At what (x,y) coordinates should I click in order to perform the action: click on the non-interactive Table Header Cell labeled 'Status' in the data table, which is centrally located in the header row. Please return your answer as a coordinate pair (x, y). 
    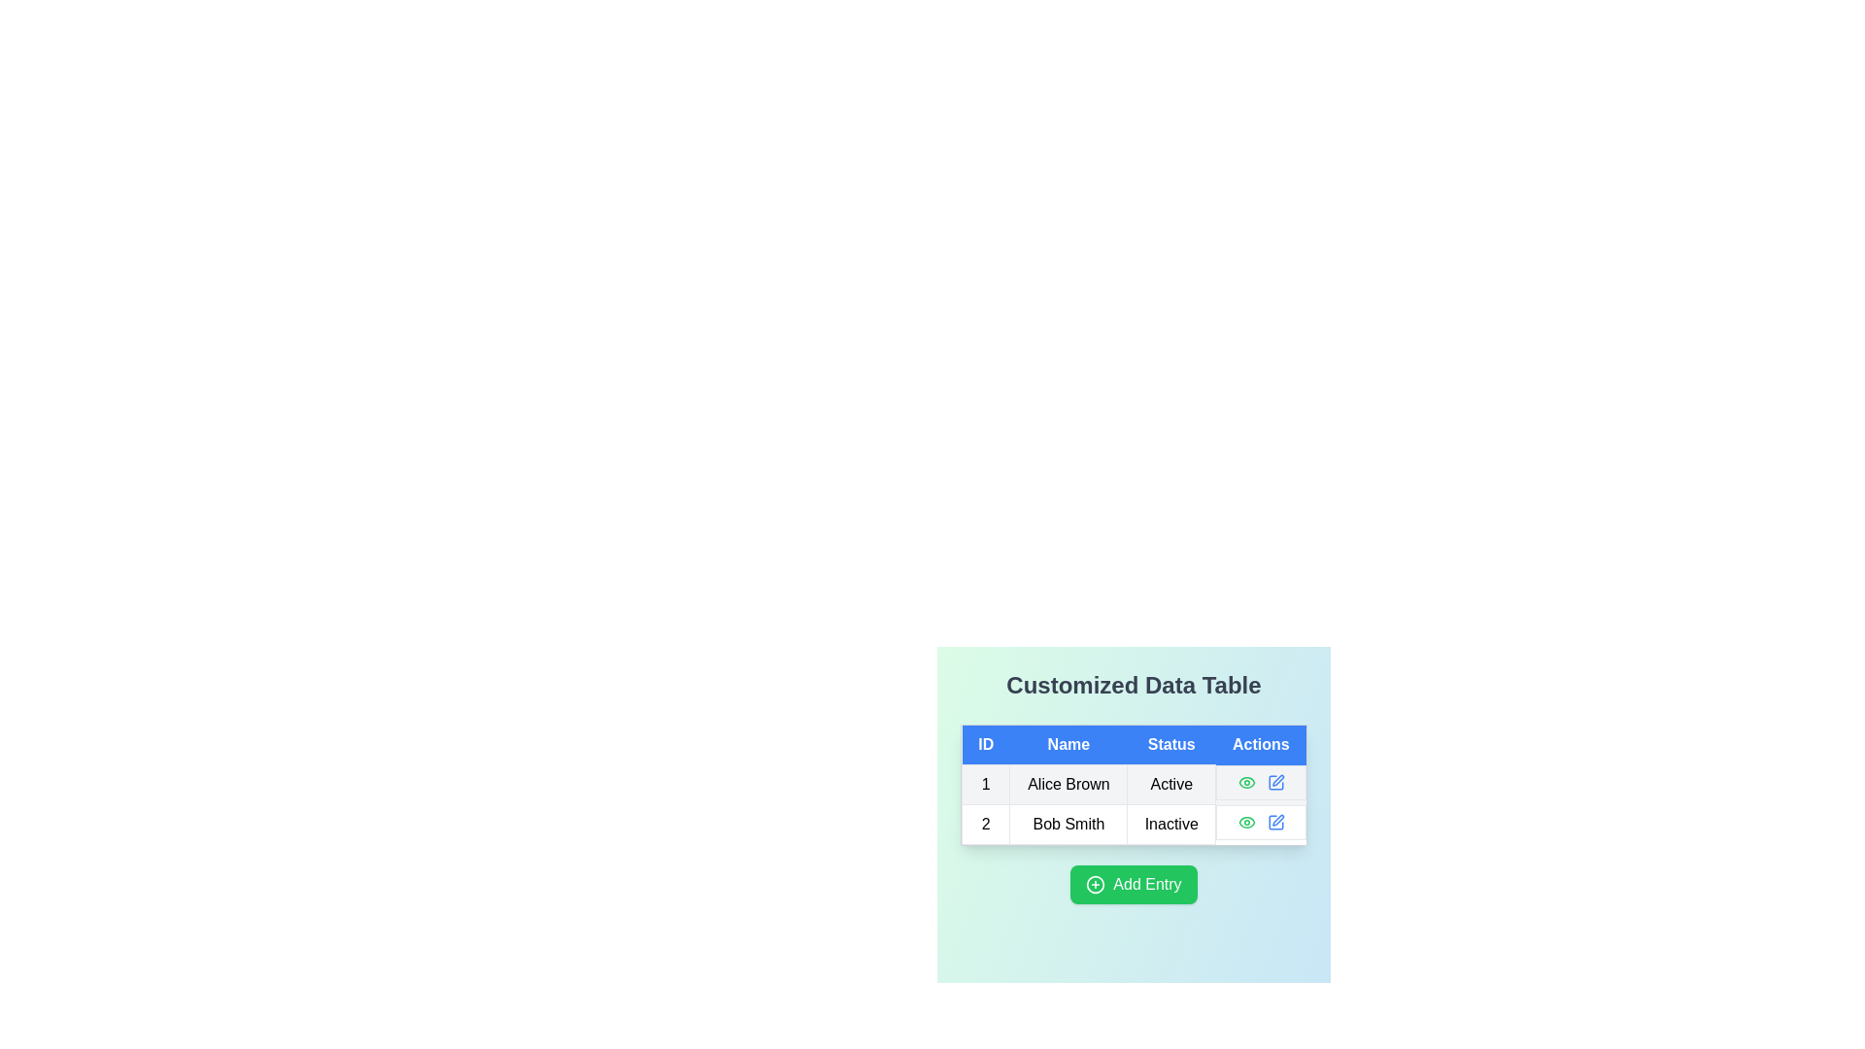
    Looking at the image, I should click on (1170, 744).